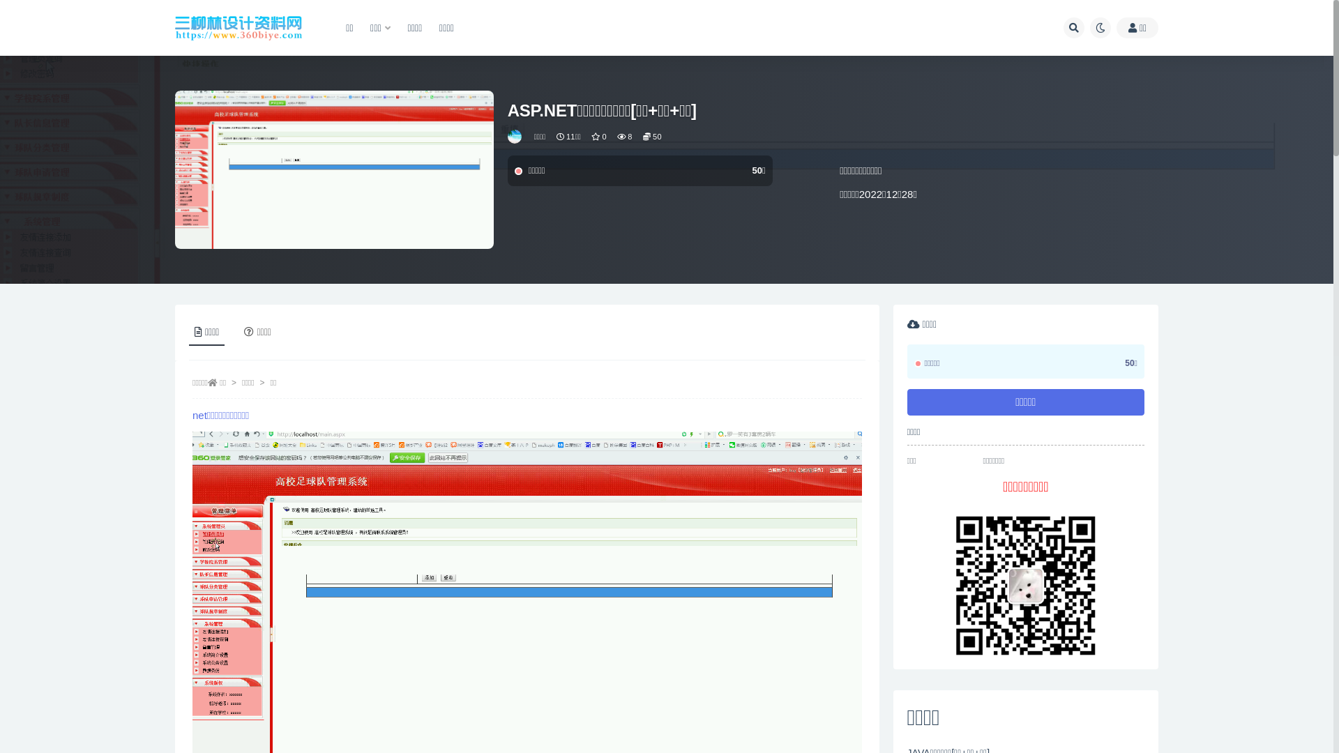 The image size is (1339, 753). What do you see at coordinates (515, 137) in the screenshot?
I see `'admin'` at bounding box center [515, 137].